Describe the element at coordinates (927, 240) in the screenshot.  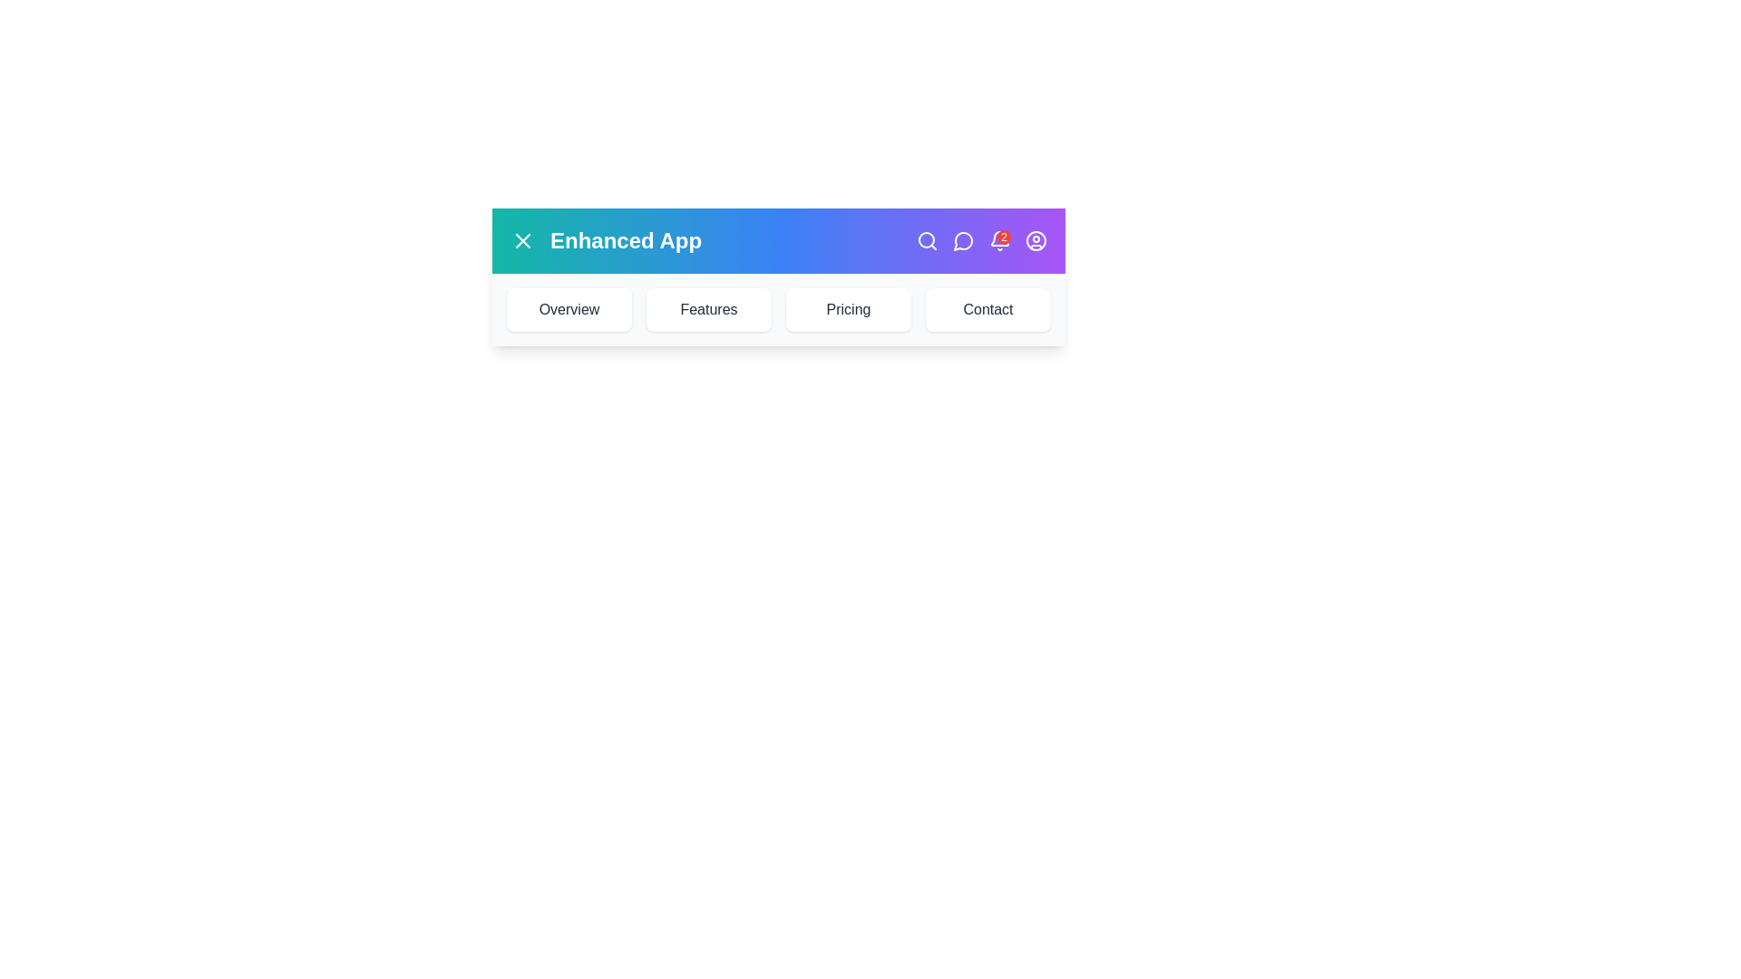
I see `the search icon to initiate a search` at that location.